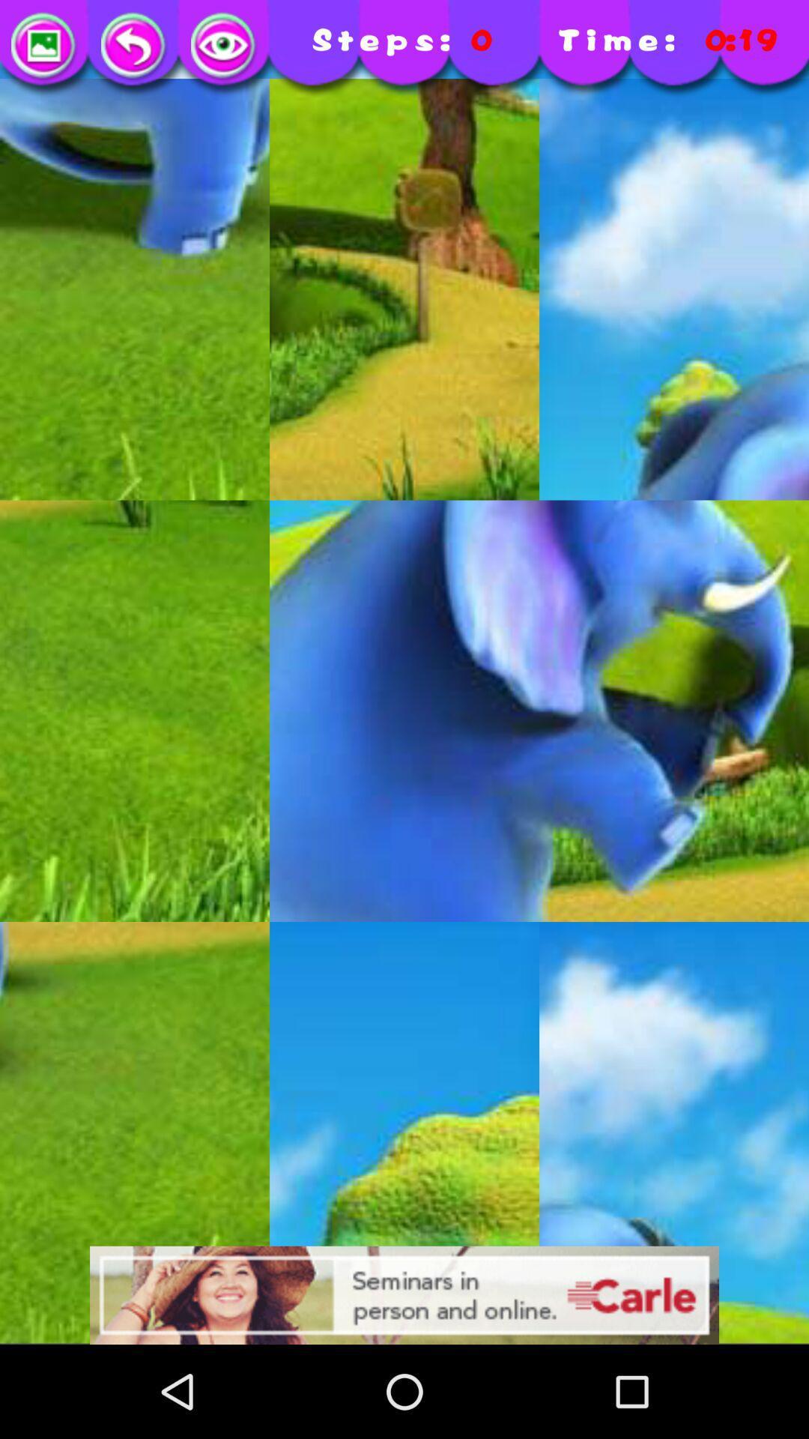  Describe the element at coordinates (404, 1294) in the screenshot. I see `advertisement` at that location.